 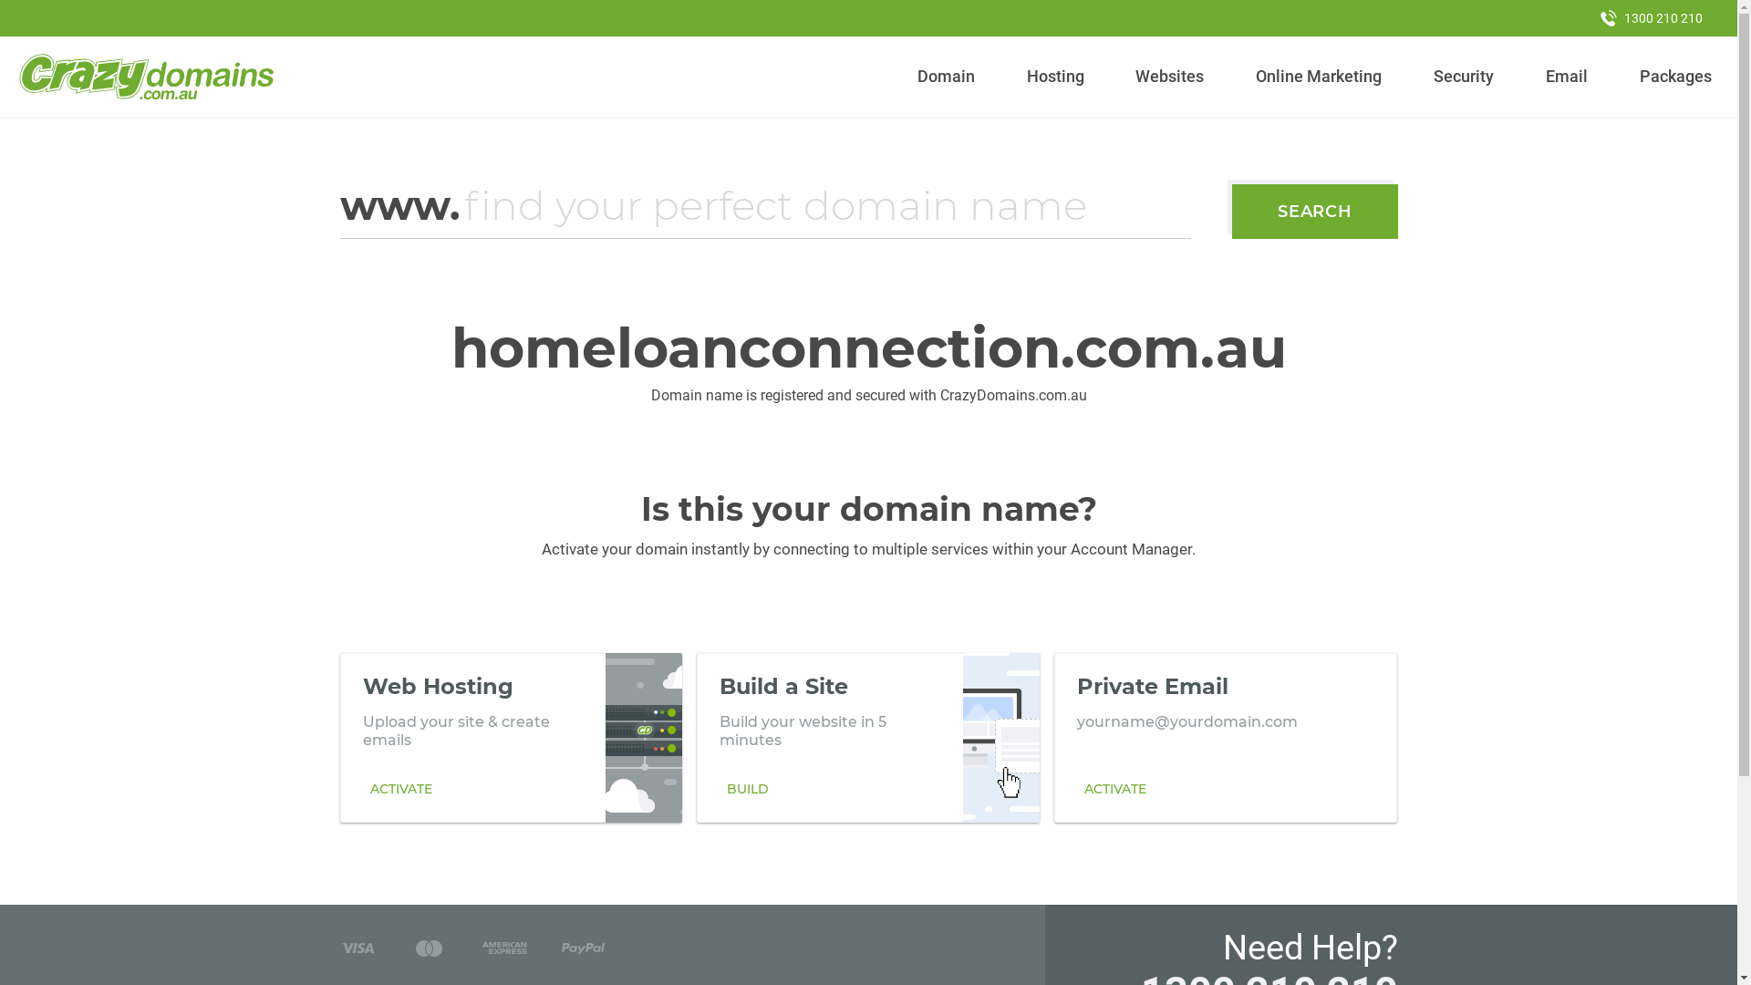 I want to click on 'Build a Site, so click(x=866, y=737).